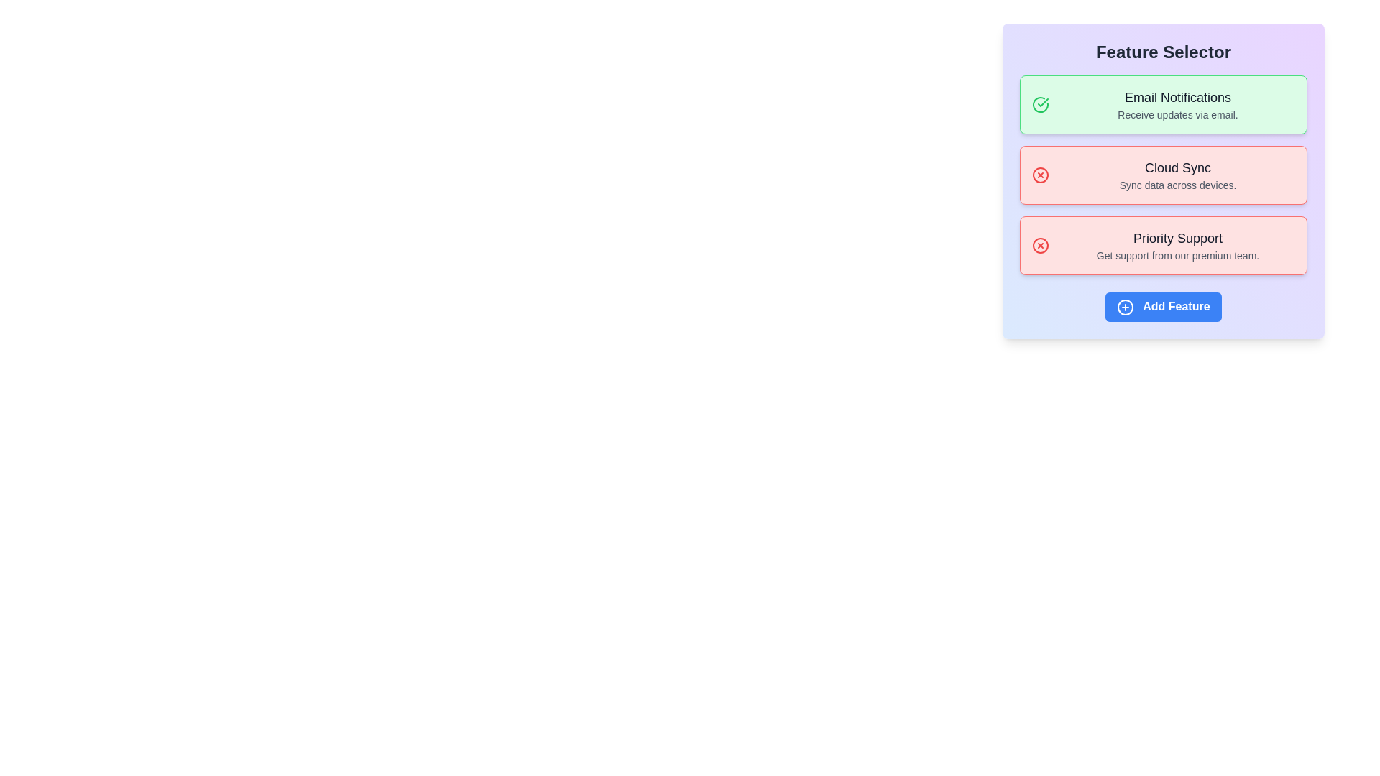 Image resolution: width=1380 pixels, height=776 pixels. Describe the element at coordinates (1041, 245) in the screenshot. I see `the graphical icon representing a disabling or rejection action located` at that location.